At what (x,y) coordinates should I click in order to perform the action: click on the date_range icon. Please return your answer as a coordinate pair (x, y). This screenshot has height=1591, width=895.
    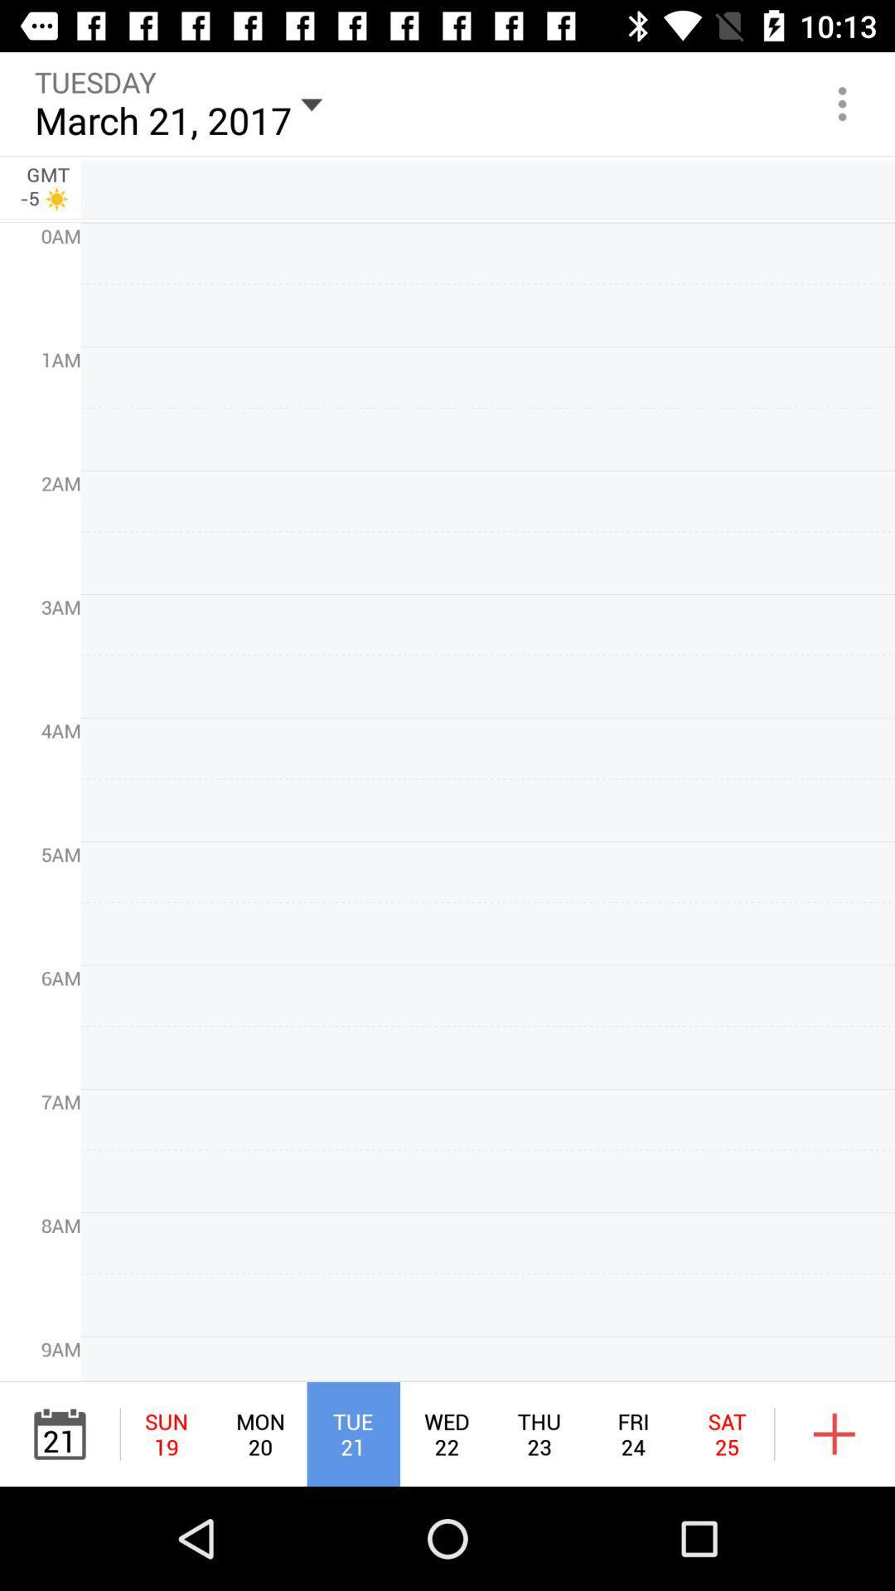
    Looking at the image, I should click on (59, 1434).